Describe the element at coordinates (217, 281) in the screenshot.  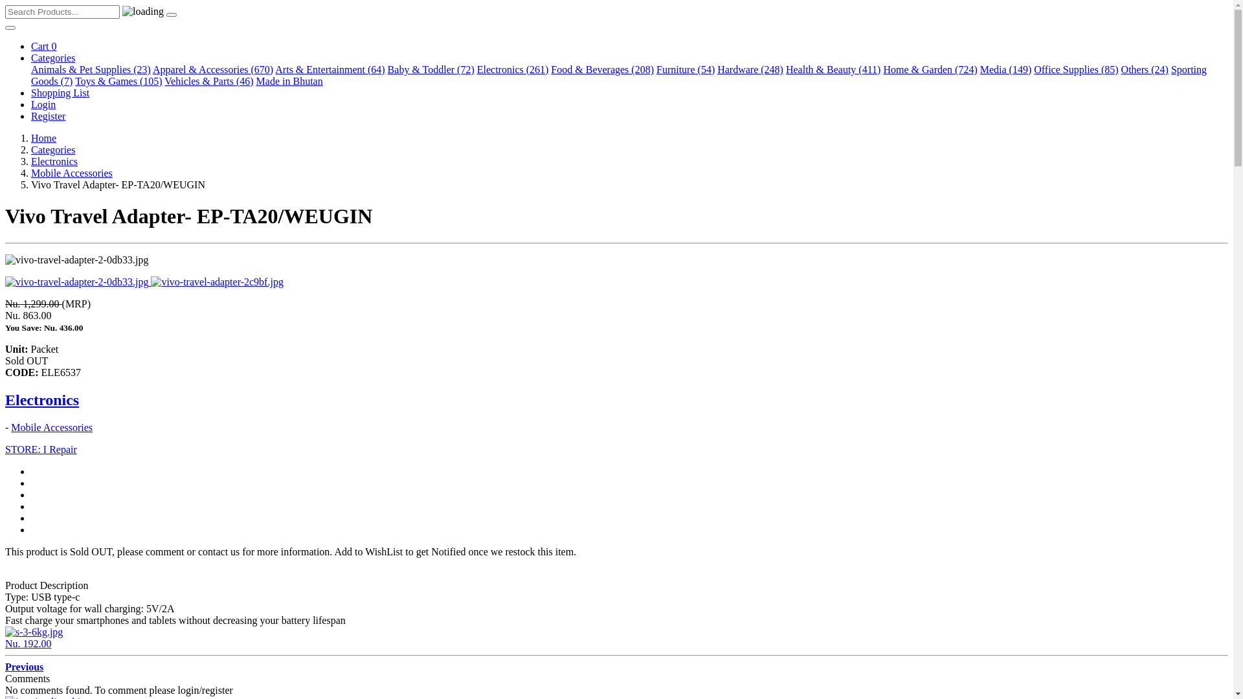
I see `'Vivo Travel Adapter- EP-TA20/WEUGIN'` at that location.